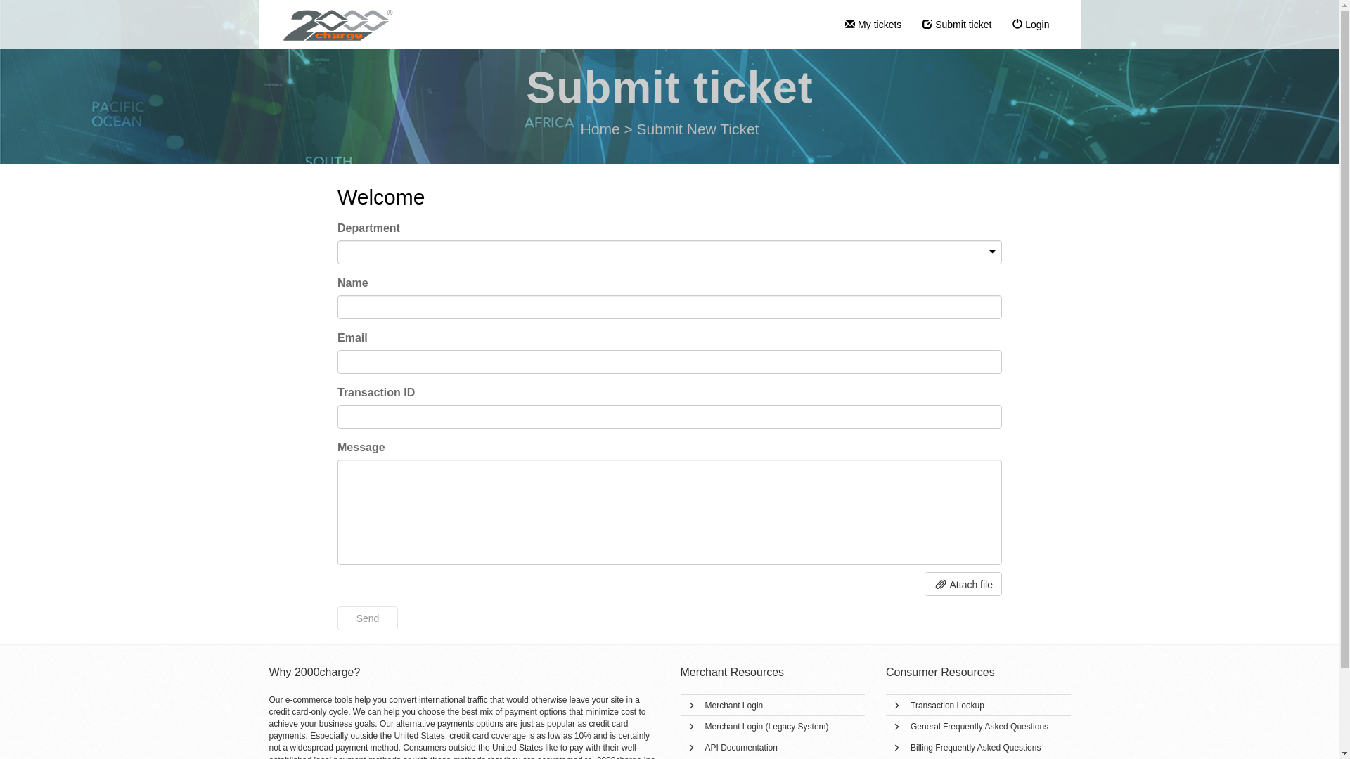 The height and width of the screenshot is (759, 1350). I want to click on 'API Documentation', so click(740, 747).